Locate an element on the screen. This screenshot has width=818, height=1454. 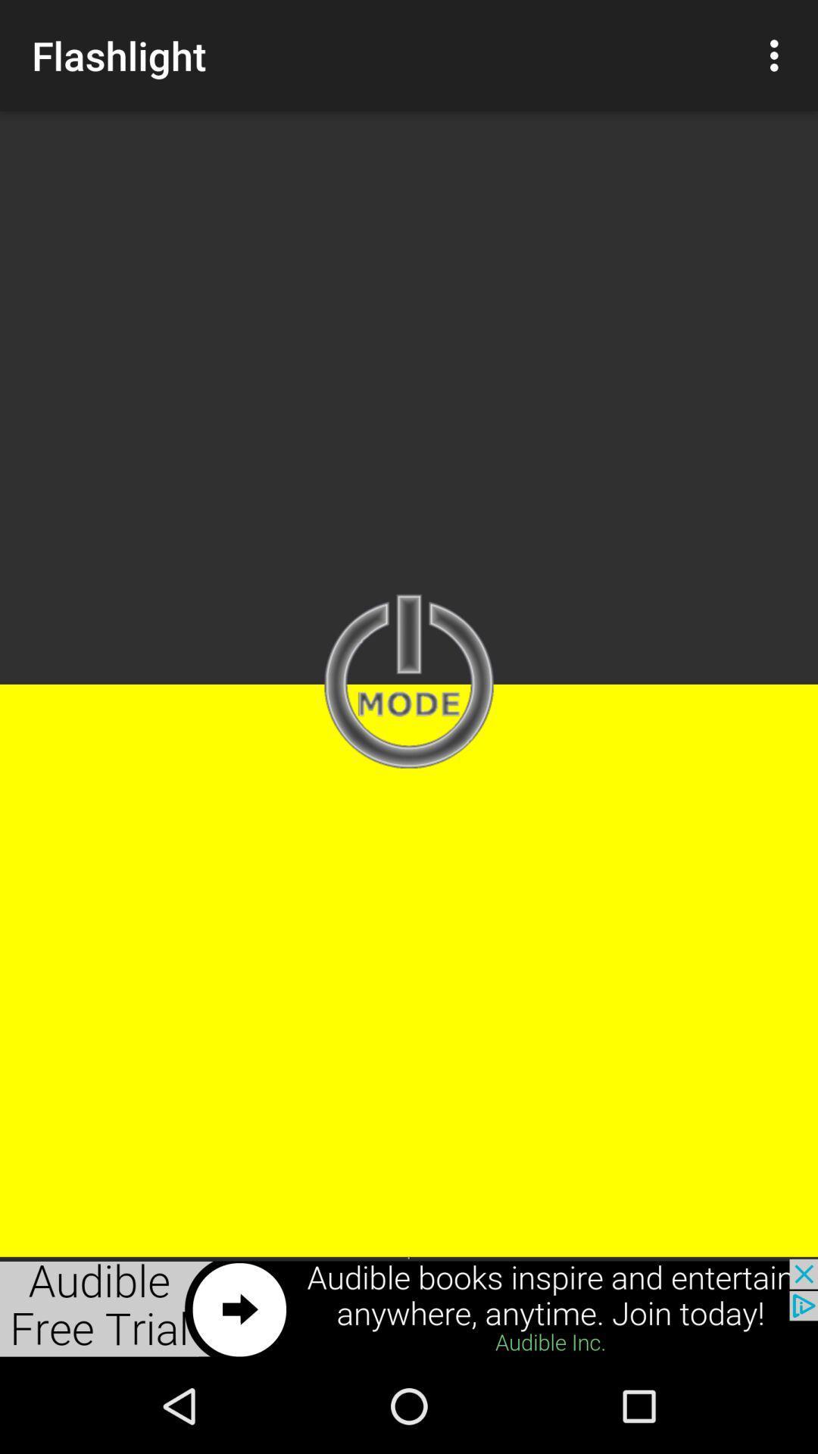
button page is located at coordinates (409, 682).